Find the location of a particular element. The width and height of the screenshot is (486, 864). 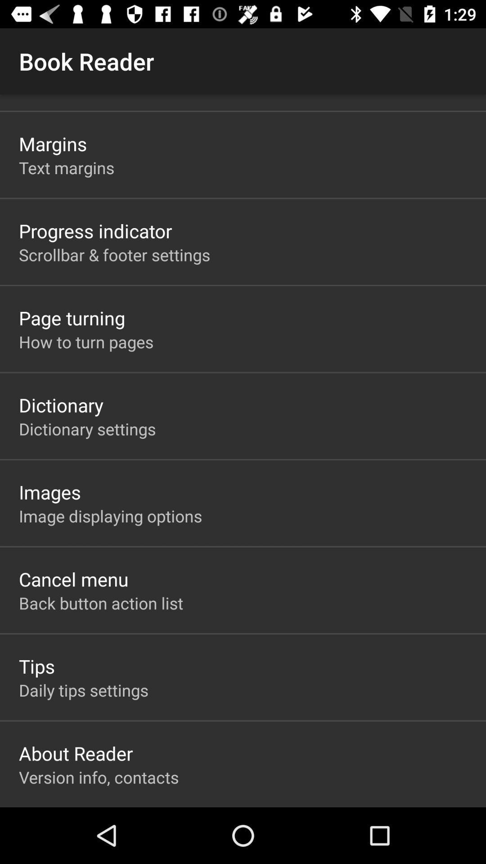

the item above the tips item is located at coordinates (101, 603).